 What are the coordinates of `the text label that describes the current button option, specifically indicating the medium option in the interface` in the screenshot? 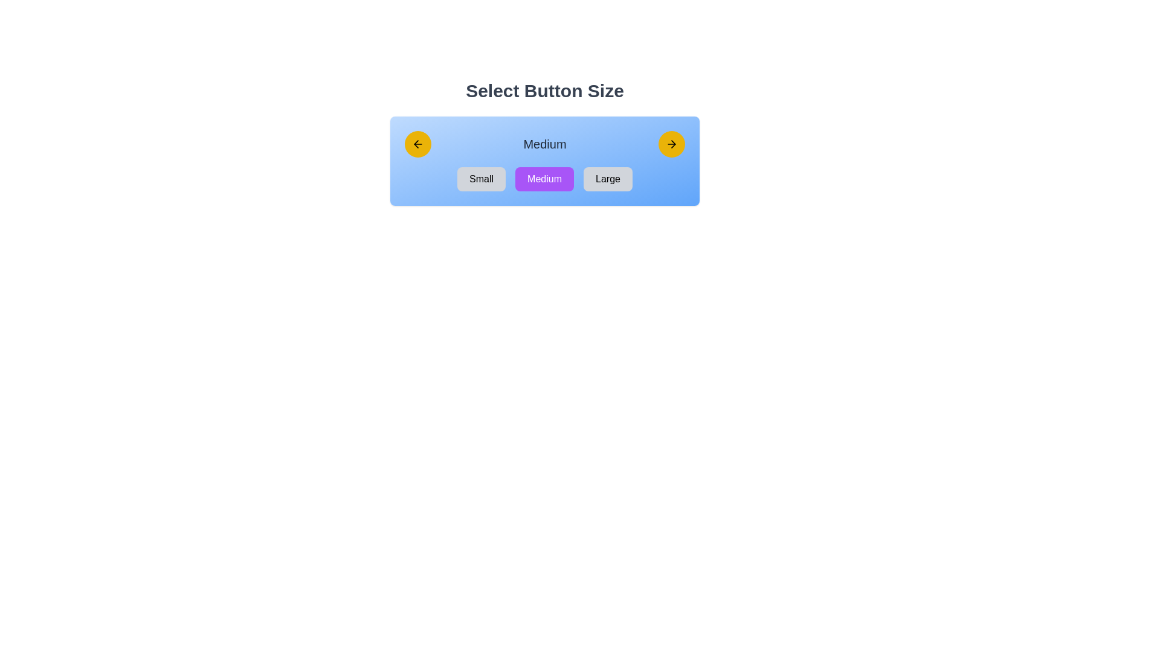 It's located at (544, 144).